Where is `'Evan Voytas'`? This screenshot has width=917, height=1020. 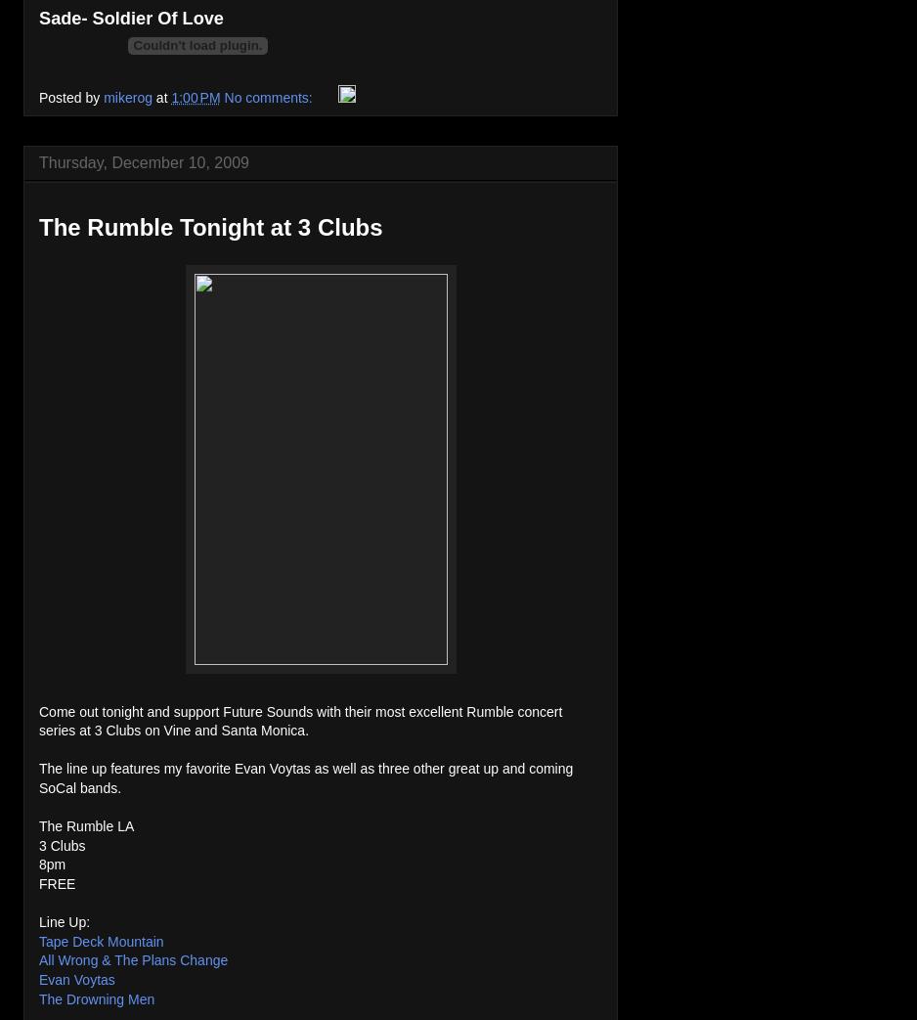 'Evan Voytas' is located at coordinates (76, 980).